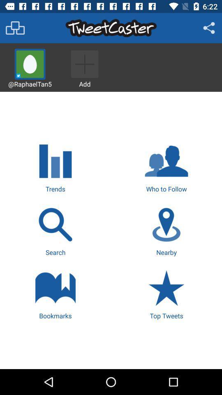 The height and width of the screenshot is (395, 222). What do you see at coordinates (55, 230) in the screenshot?
I see `the item to the left of the nearby item` at bounding box center [55, 230].